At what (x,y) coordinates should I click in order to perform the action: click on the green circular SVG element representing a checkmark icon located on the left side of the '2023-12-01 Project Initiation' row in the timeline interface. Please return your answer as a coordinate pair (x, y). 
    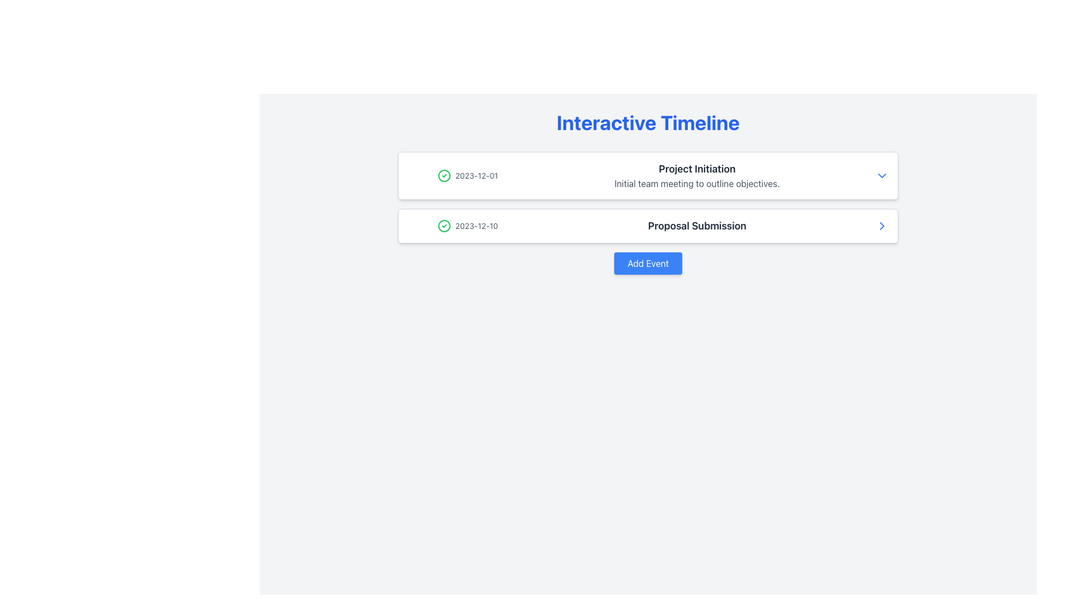
    Looking at the image, I should click on (443, 226).